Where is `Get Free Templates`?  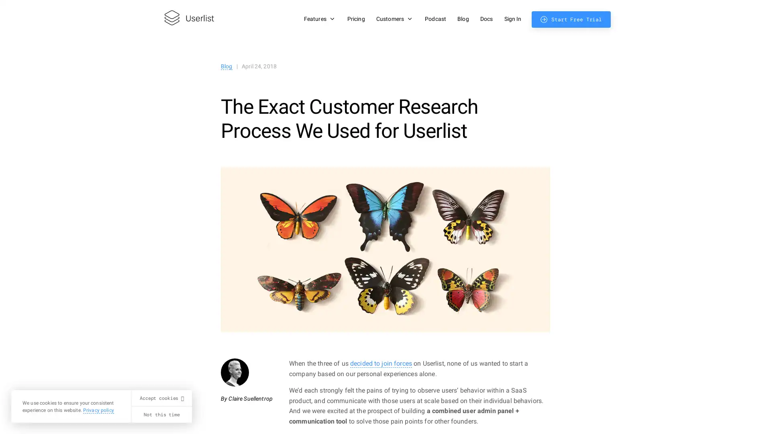 Get Free Templates is located at coordinates (687, 219).